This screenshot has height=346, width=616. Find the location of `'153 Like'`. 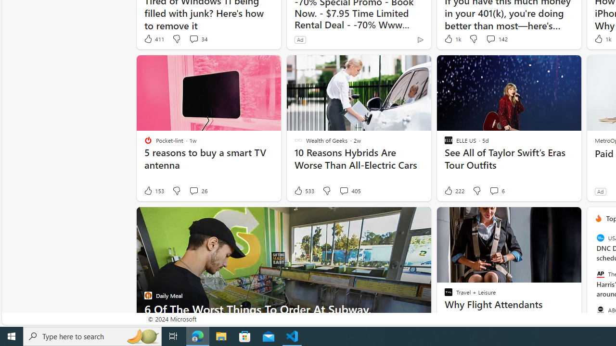

'153 Like' is located at coordinates (153, 191).